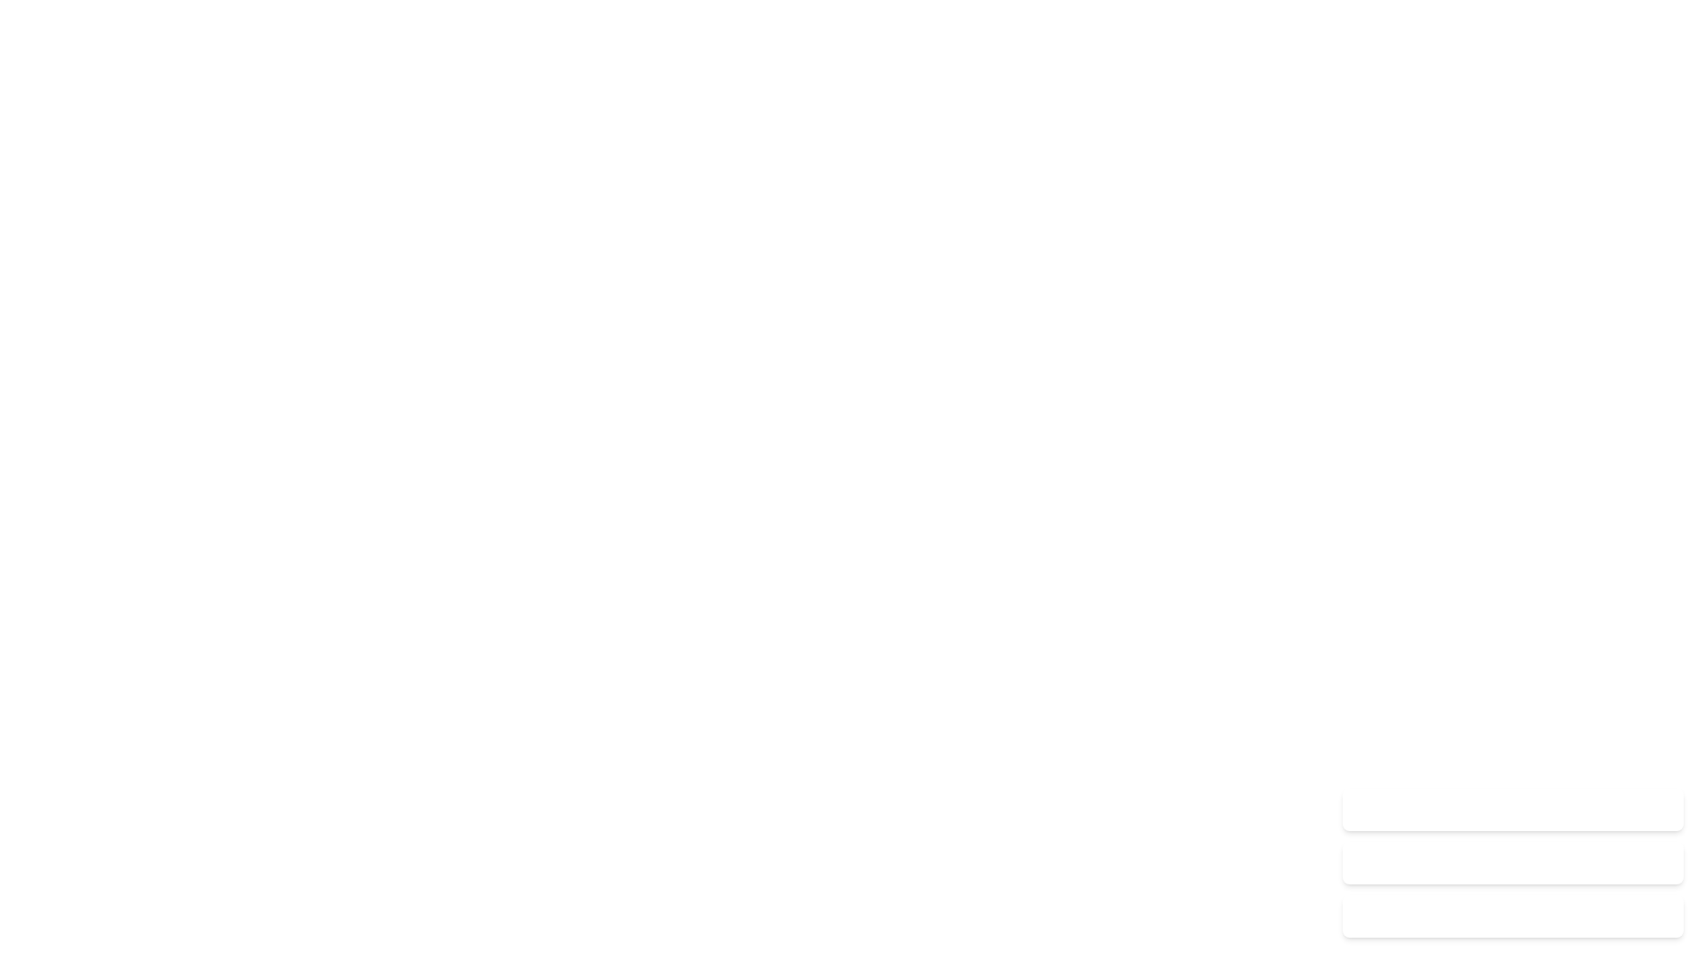 The height and width of the screenshot is (959, 1705). What do you see at coordinates (1661, 809) in the screenshot?
I see `the close button located at the far-right end of the blue notification box` at bounding box center [1661, 809].